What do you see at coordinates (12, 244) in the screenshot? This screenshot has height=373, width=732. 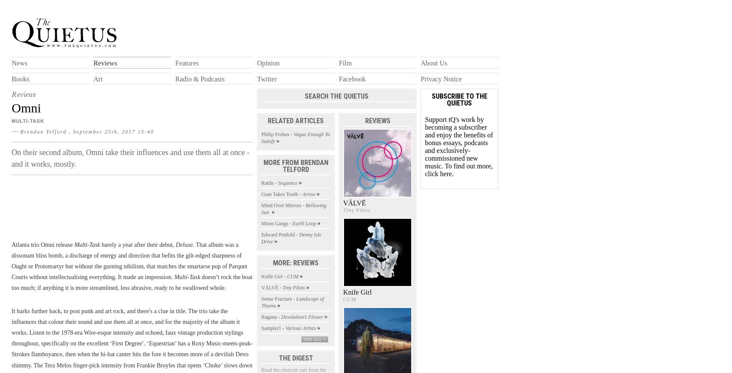 I see `'Atlanta trio Omni release'` at bounding box center [12, 244].